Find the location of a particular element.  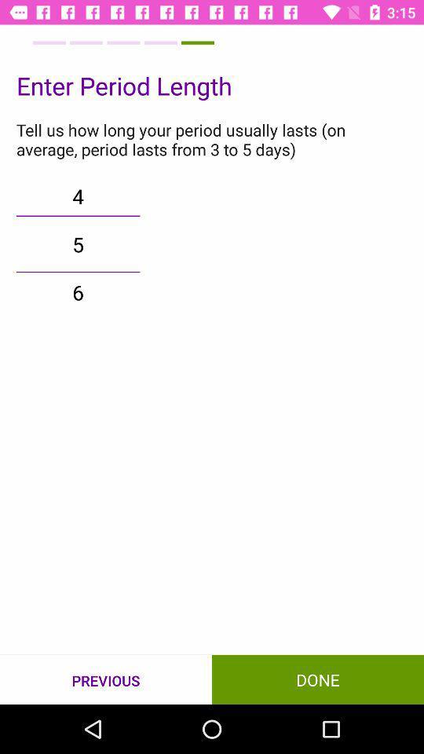

the item at the bottom right corner is located at coordinates (318, 679).